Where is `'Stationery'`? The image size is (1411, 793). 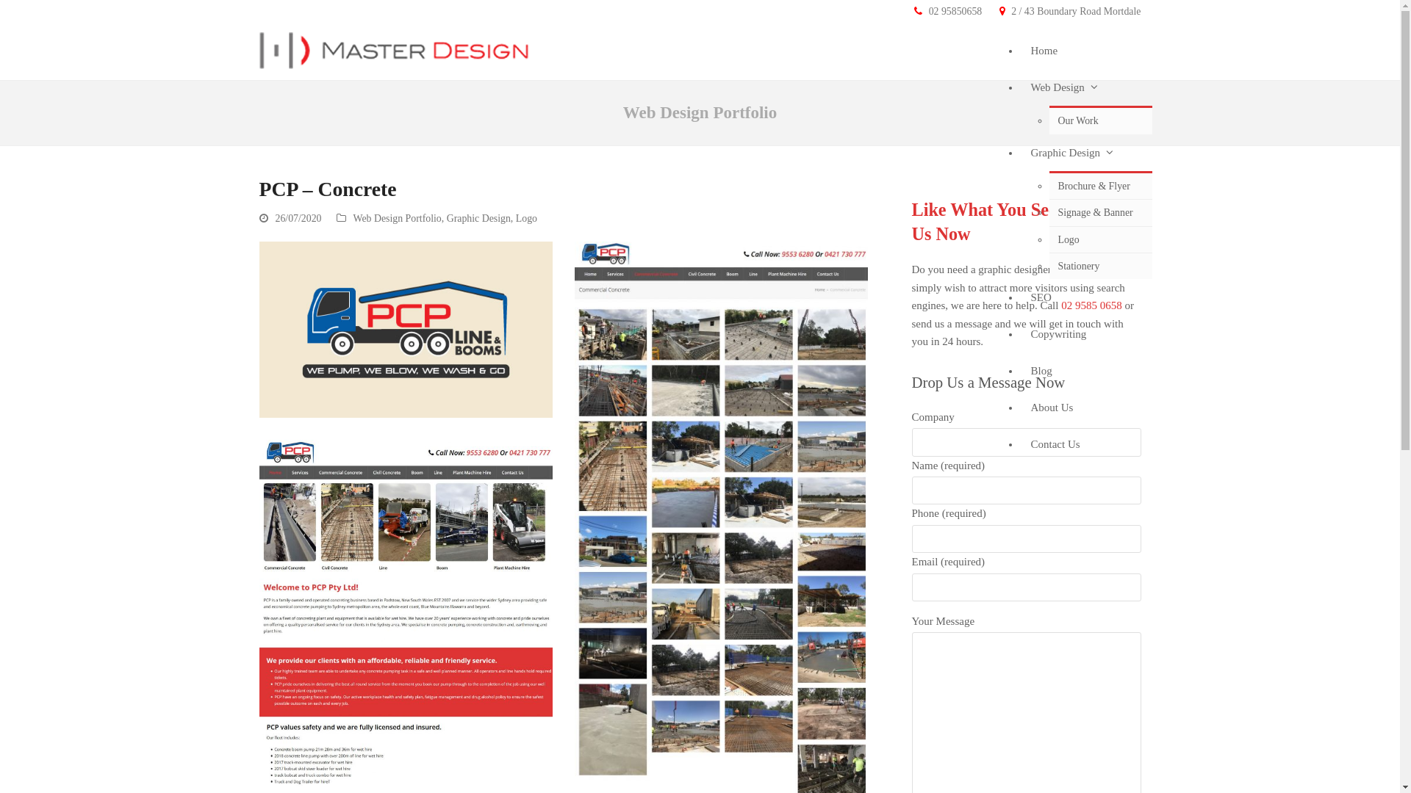
'Stationery' is located at coordinates (1100, 266).